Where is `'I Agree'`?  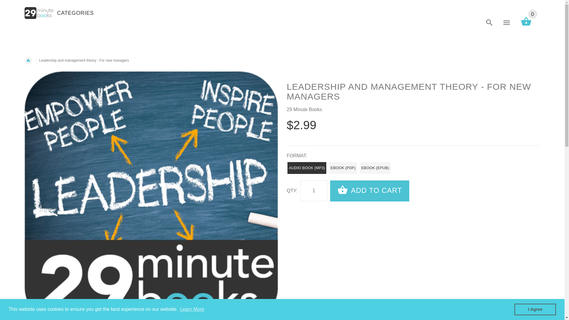
'I Agree' is located at coordinates (535, 309).